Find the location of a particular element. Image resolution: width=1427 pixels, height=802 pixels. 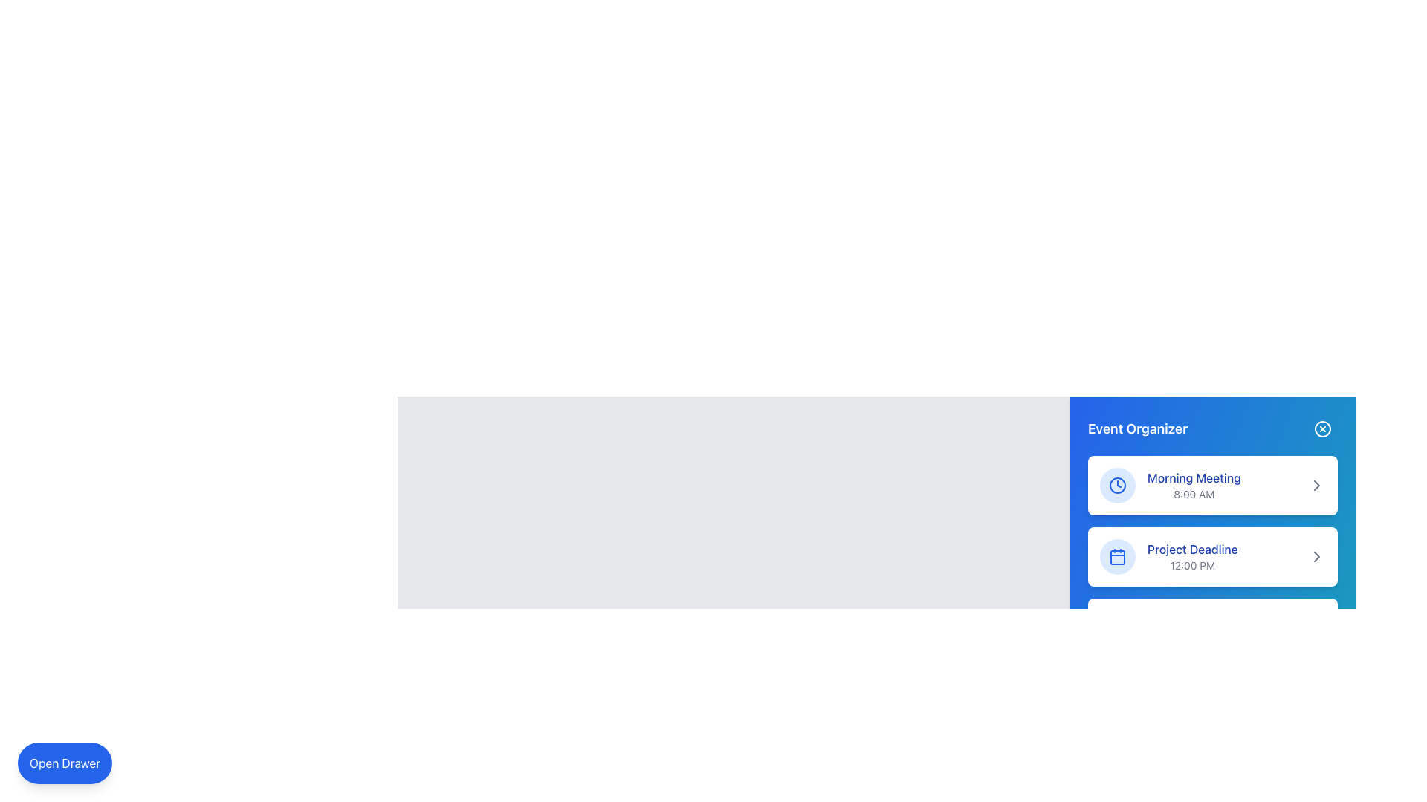

the interactive icon located on the right side of the 'Project Deadline' entry in the 'Event Organizer' panel is located at coordinates (1316, 486).